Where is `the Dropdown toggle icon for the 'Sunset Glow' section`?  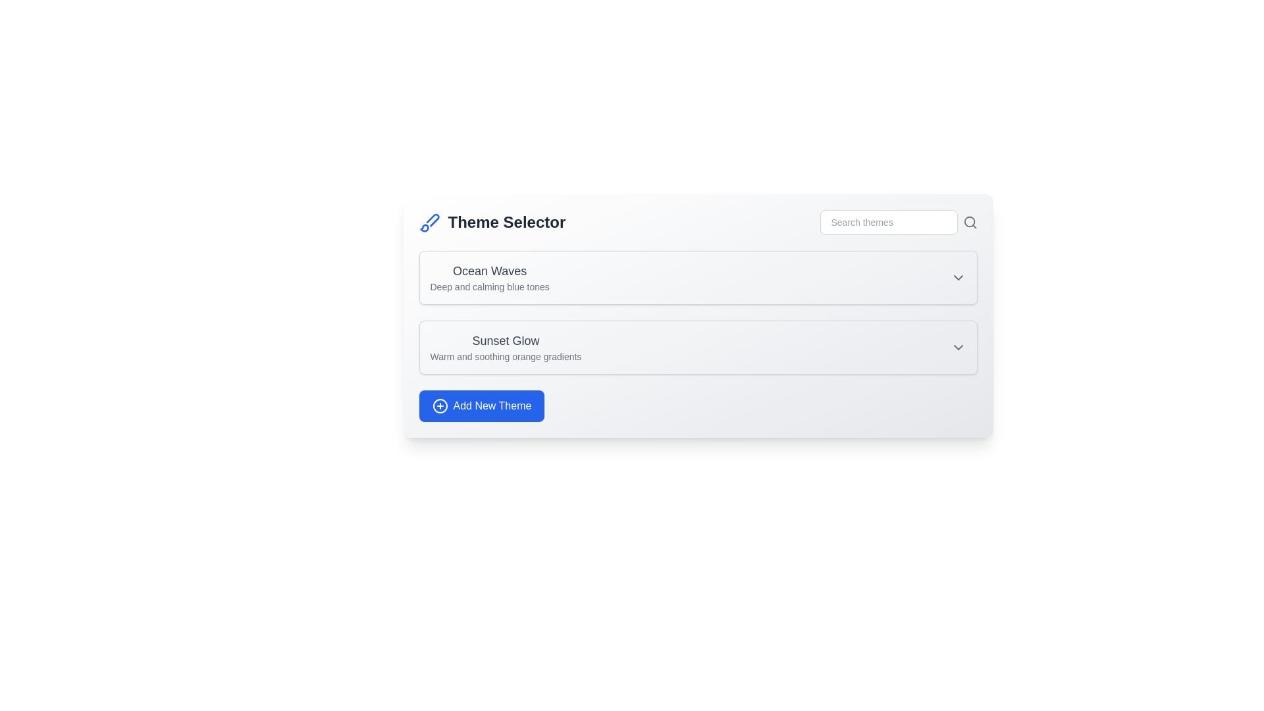 the Dropdown toggle icon for the 'Sunset Glow' section is located at coordinates (958, 347).